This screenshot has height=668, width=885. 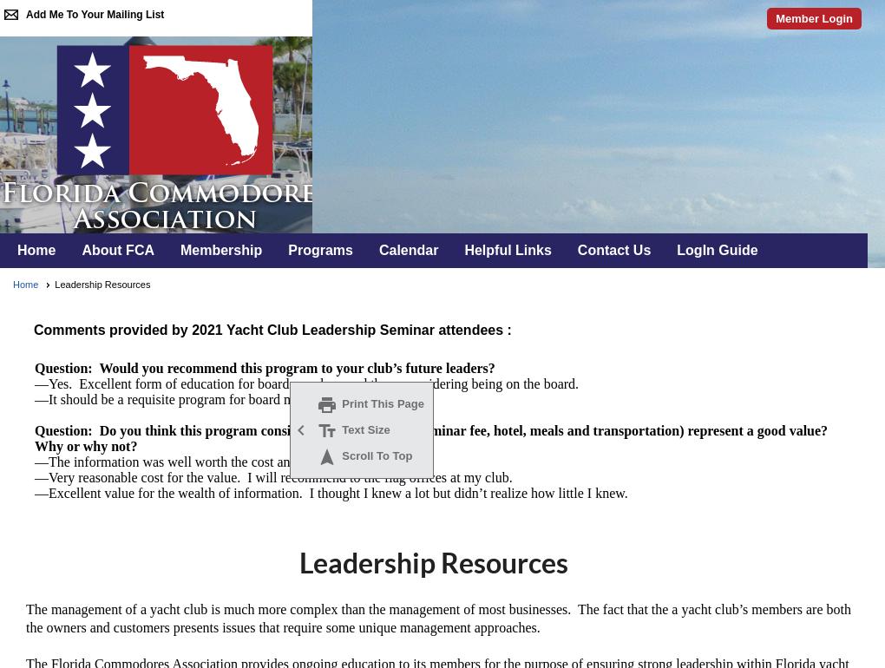 What do you see at coordinates (431, 438) in the screenshot?
I see `'Question:  Do you think this program considering all your costs (seminar fee, hotel, meals and transportation) represent a good value? Why or why not?'` at bounding box center [431, 438].